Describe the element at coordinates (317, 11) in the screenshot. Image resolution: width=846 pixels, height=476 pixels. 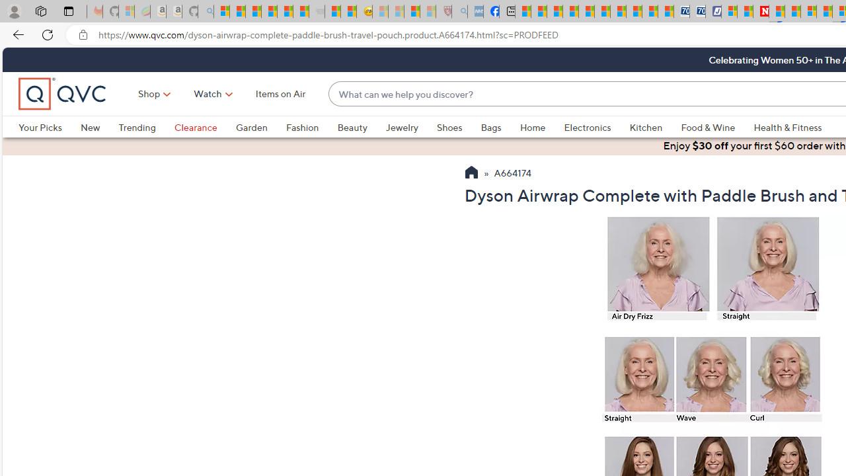
I see `'Combat Siege - Sleeping'` at that location.